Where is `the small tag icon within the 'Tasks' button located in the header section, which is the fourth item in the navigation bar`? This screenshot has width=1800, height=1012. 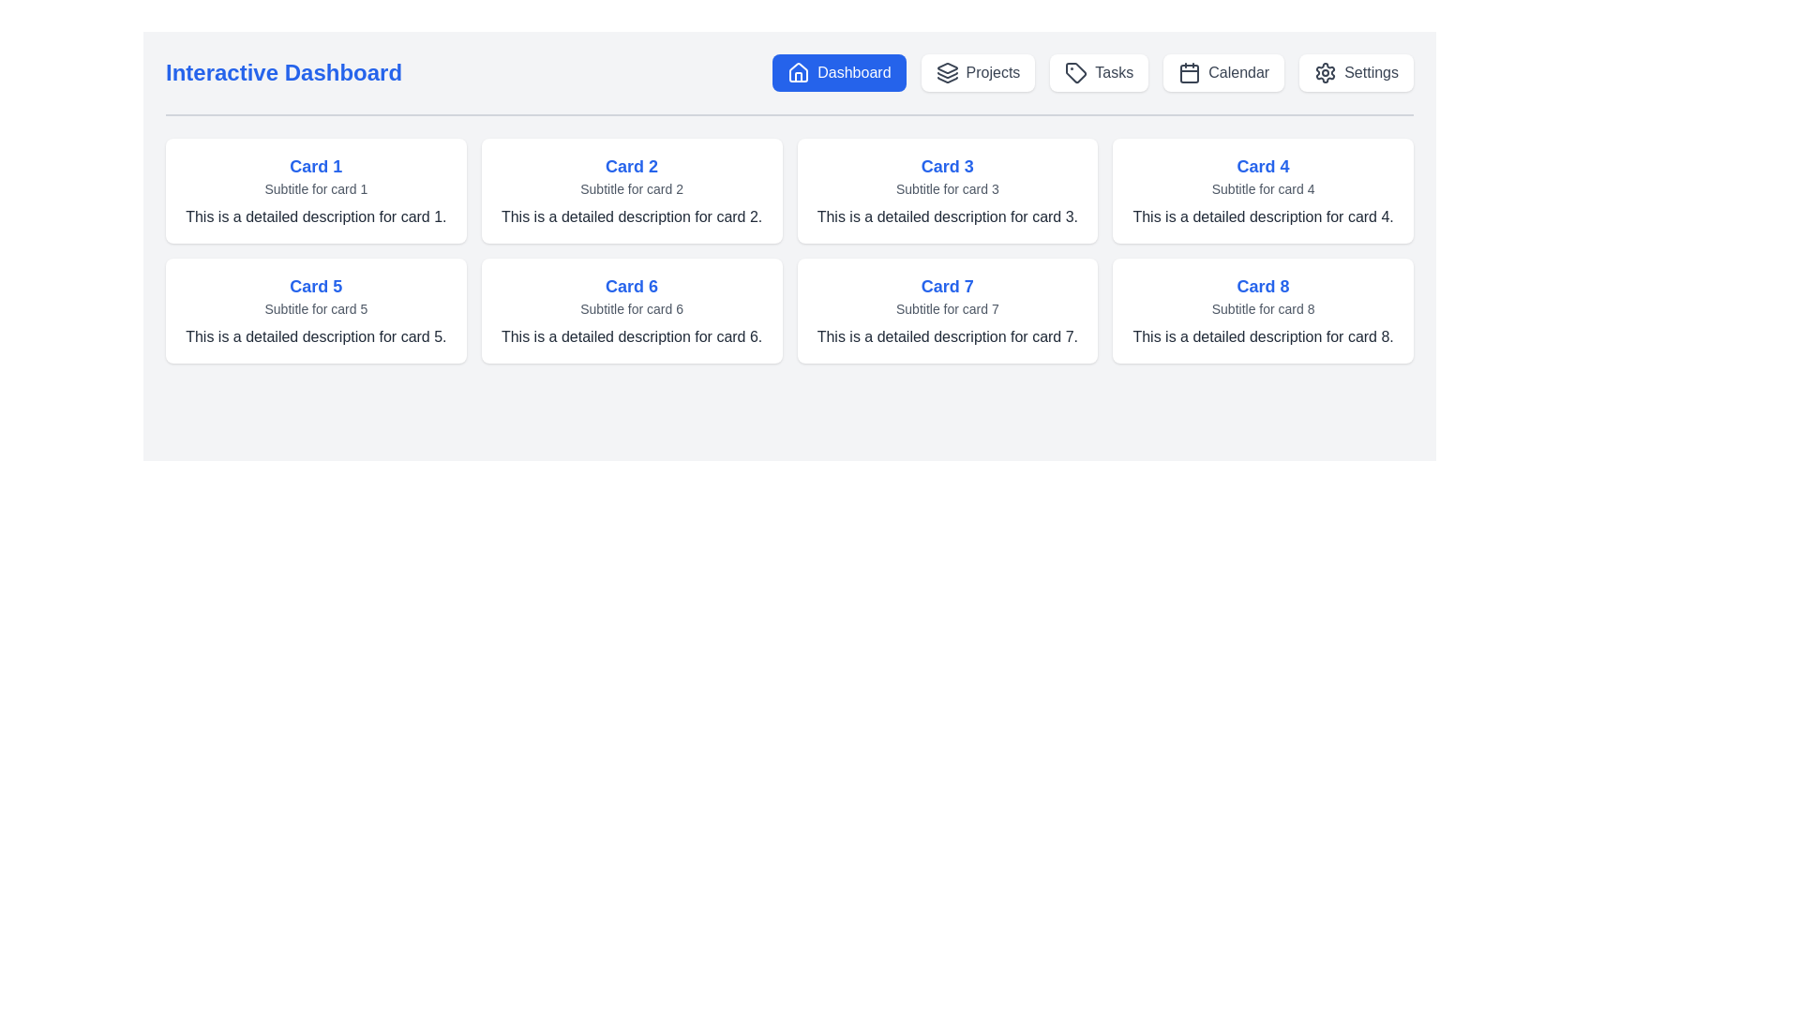
the small tag icon within the 'Tasks' button located in the header section, which is the fourth item in the navigation bar is located at coordinates (1076, 71).